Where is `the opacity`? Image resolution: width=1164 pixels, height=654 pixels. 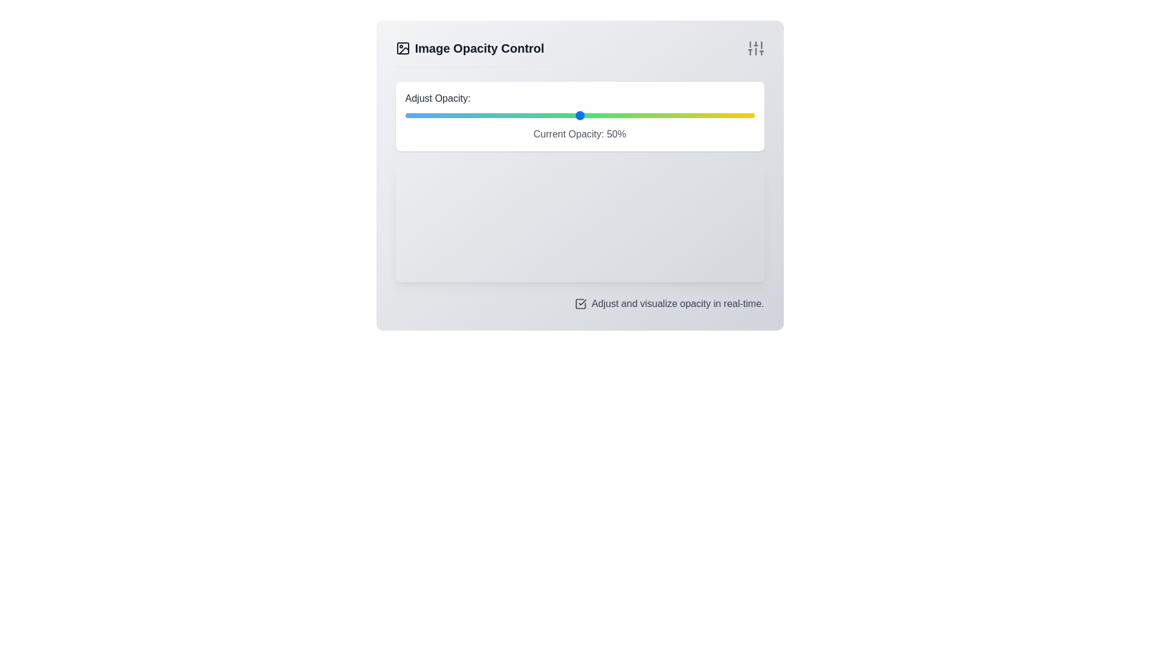
the opacity is located at coordinates (486, 116).